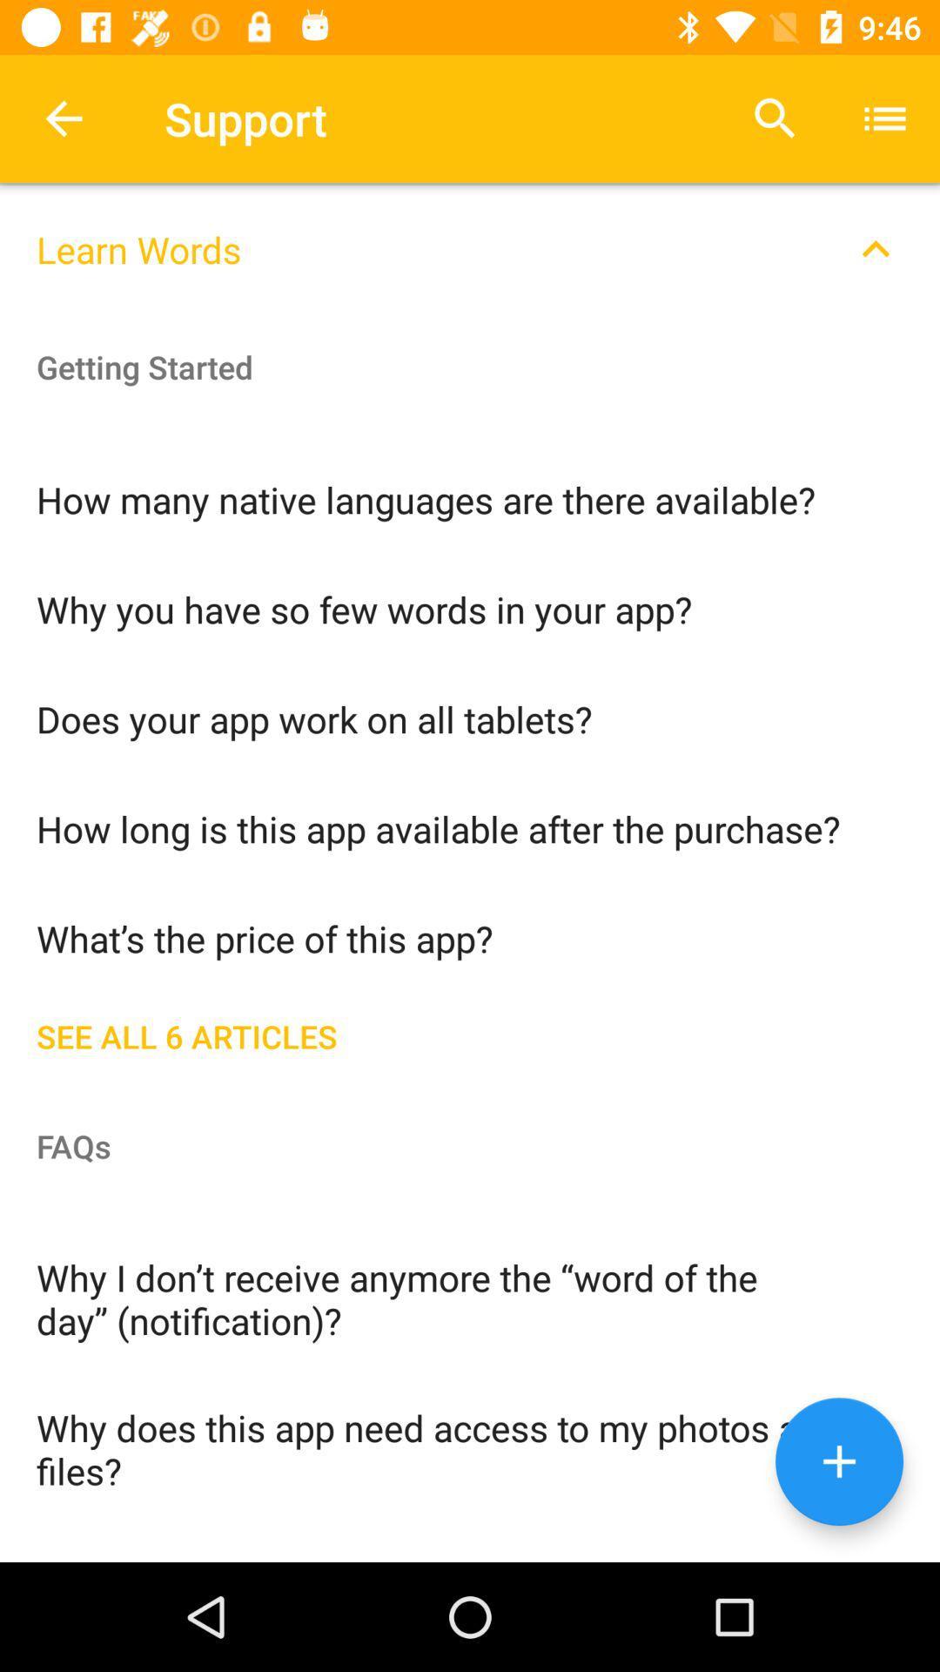  Describe the element at coordinates (470, 1033) in the screenshot. I see `see all 6 item` at that location.